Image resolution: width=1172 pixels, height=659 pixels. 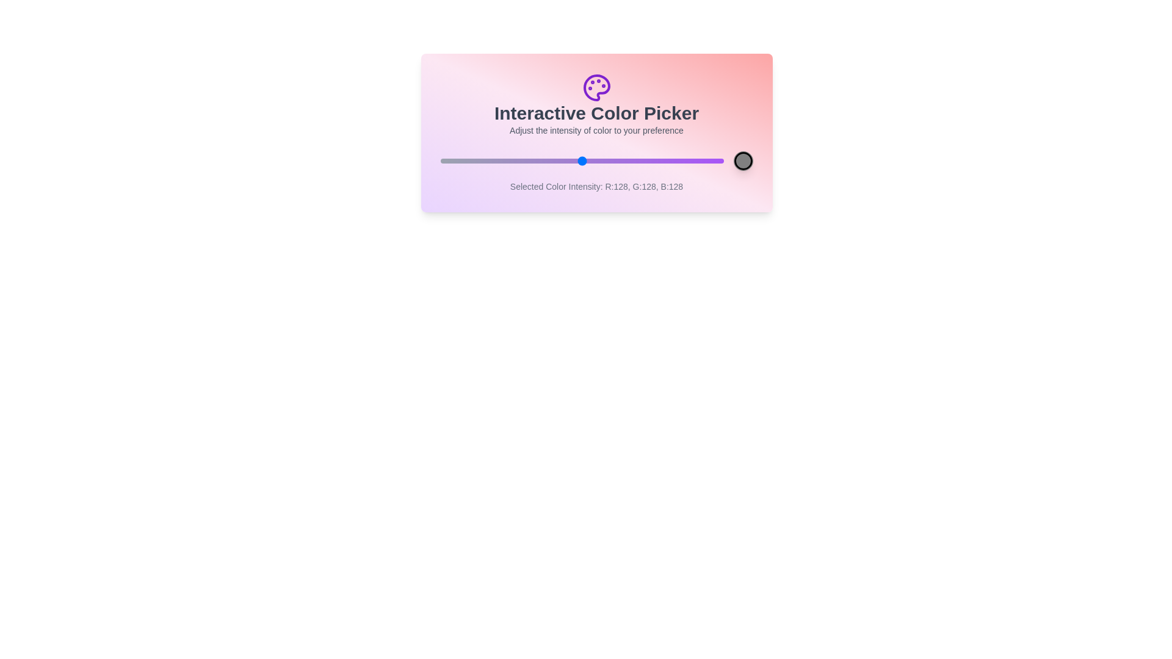 I want to click on the color intensity to 199 by dragging the slider, so click(x=660, y=160).